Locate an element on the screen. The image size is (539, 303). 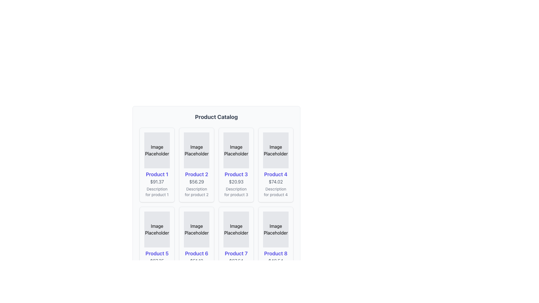
the card displaying 'Product 7' with a price of '$87.64' and a description 'Description for product 7'. This card is the fourth in the second row of a grid layout is located at coordinates (236, 244).